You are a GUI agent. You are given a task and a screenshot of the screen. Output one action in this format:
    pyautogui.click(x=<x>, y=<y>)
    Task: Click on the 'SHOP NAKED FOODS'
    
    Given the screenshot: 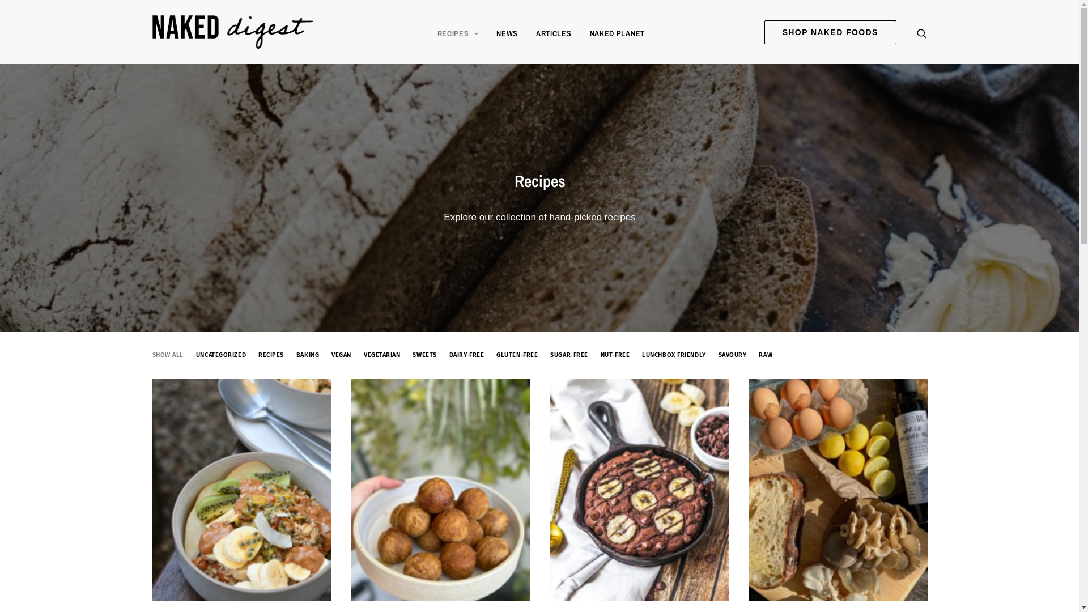 What is the action you would take?
    pyautogui.click(x=832, y=32)
    